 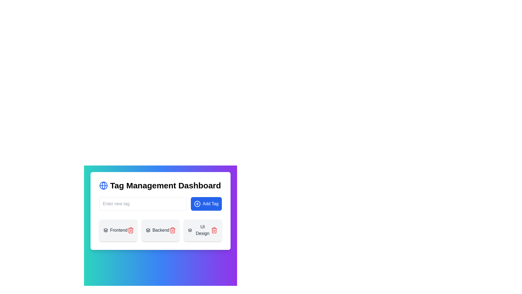 I want to click on the red-colored trash icon at the bottom-right section of the 'UI Design' card, so click(x=214, y=230).